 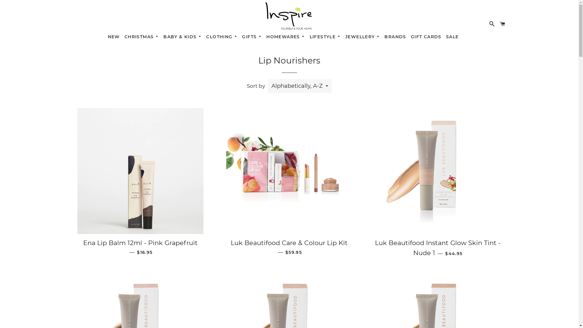 What do you see at coordinates (122, 36) in the screenshot?
I see `'CHRISTMAS'` at bounding box center [122, 36].